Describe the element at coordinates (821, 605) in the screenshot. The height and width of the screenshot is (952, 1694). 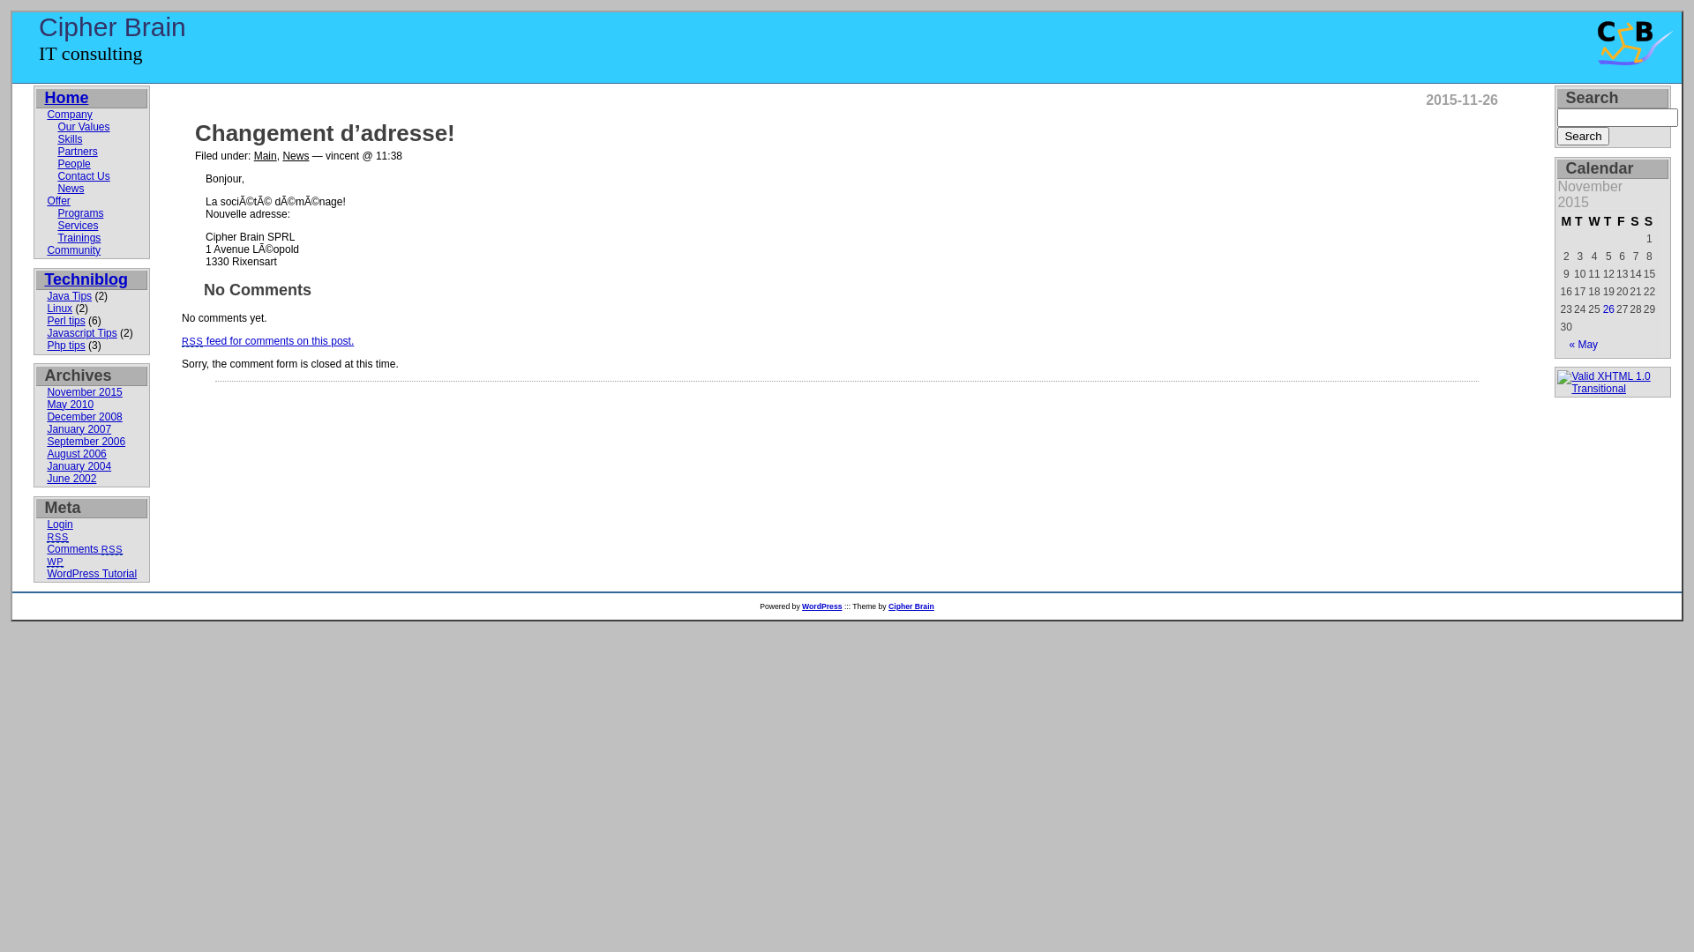
I see `'WordPress'` at that location.